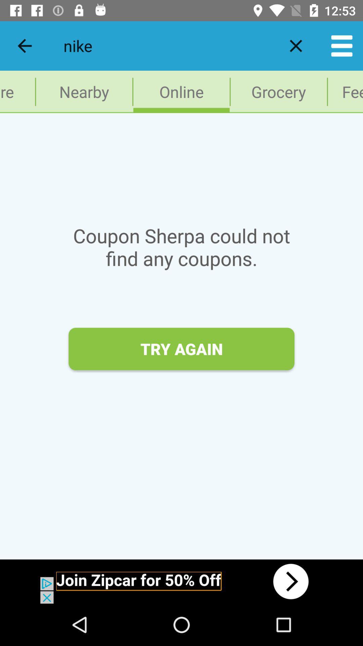  Describe the element at coordinates (182, 581) in the screenshot. I see `advertisement link` at that location.